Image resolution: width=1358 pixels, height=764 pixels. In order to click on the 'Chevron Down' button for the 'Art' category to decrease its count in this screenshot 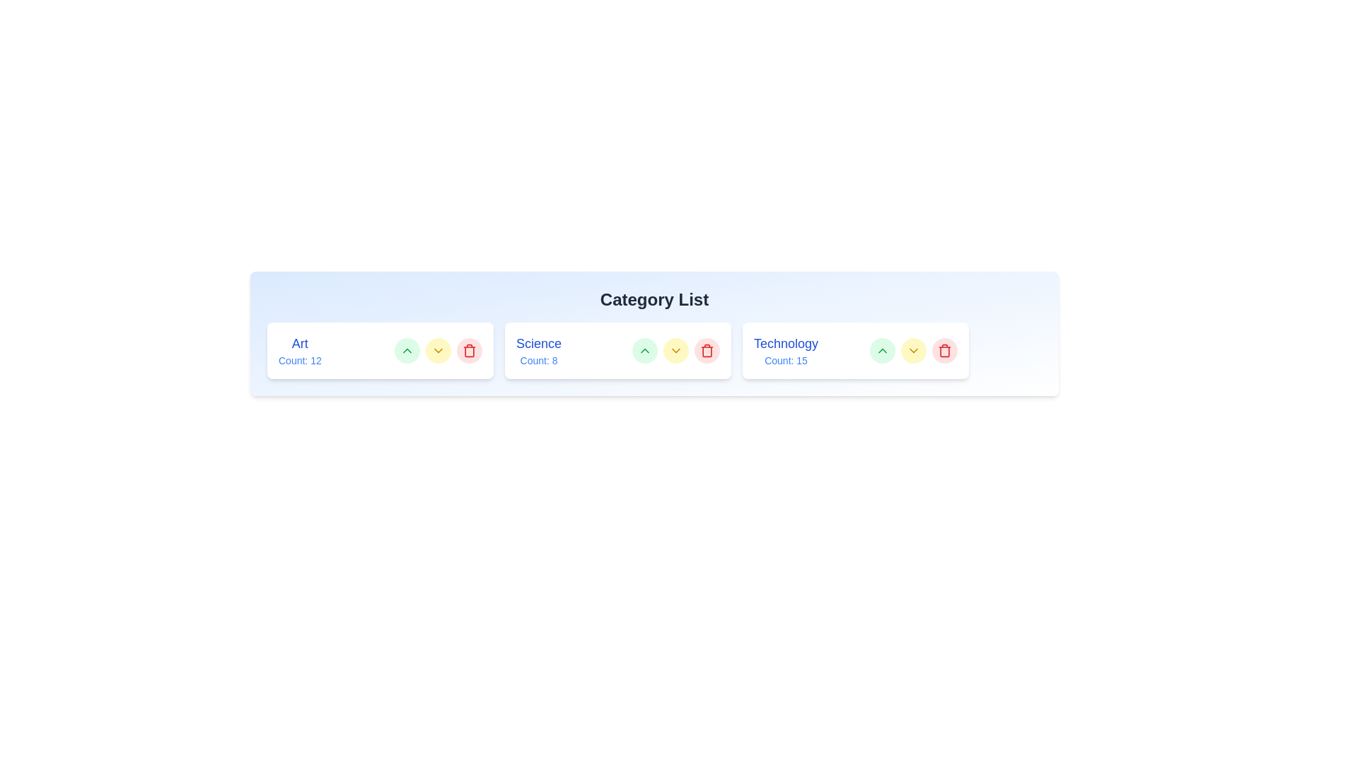, I will do `click(437, 350)`.